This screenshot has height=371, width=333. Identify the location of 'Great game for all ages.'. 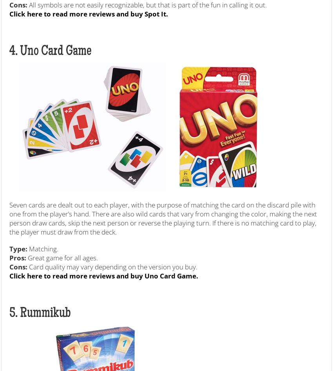
(62, 257).